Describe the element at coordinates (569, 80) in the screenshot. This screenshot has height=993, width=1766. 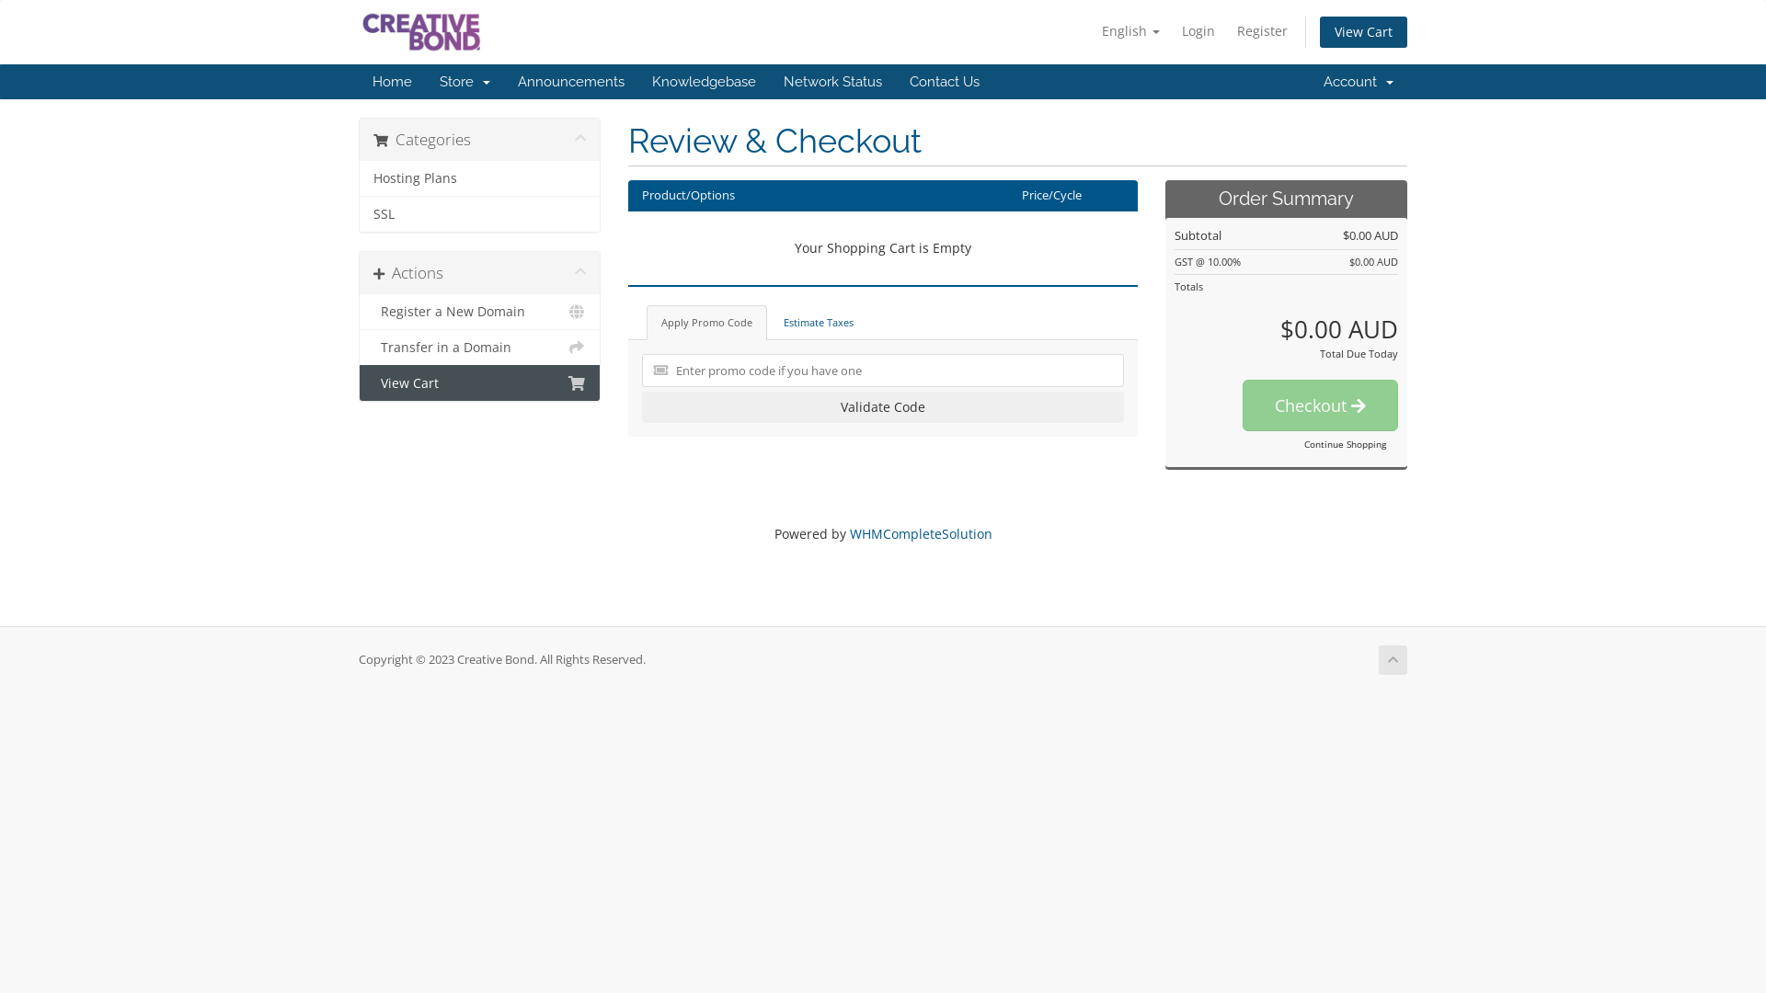
I see `'Announcements'` at that location.